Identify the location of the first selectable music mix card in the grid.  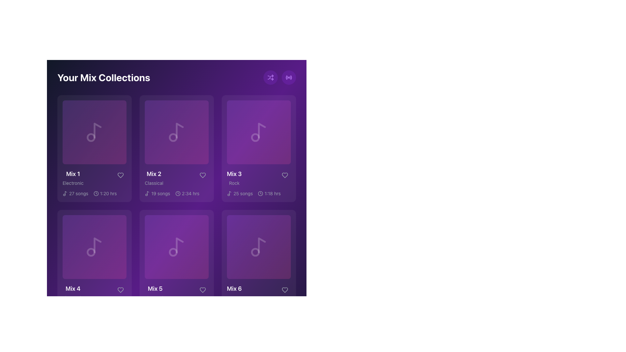
(94, 148).